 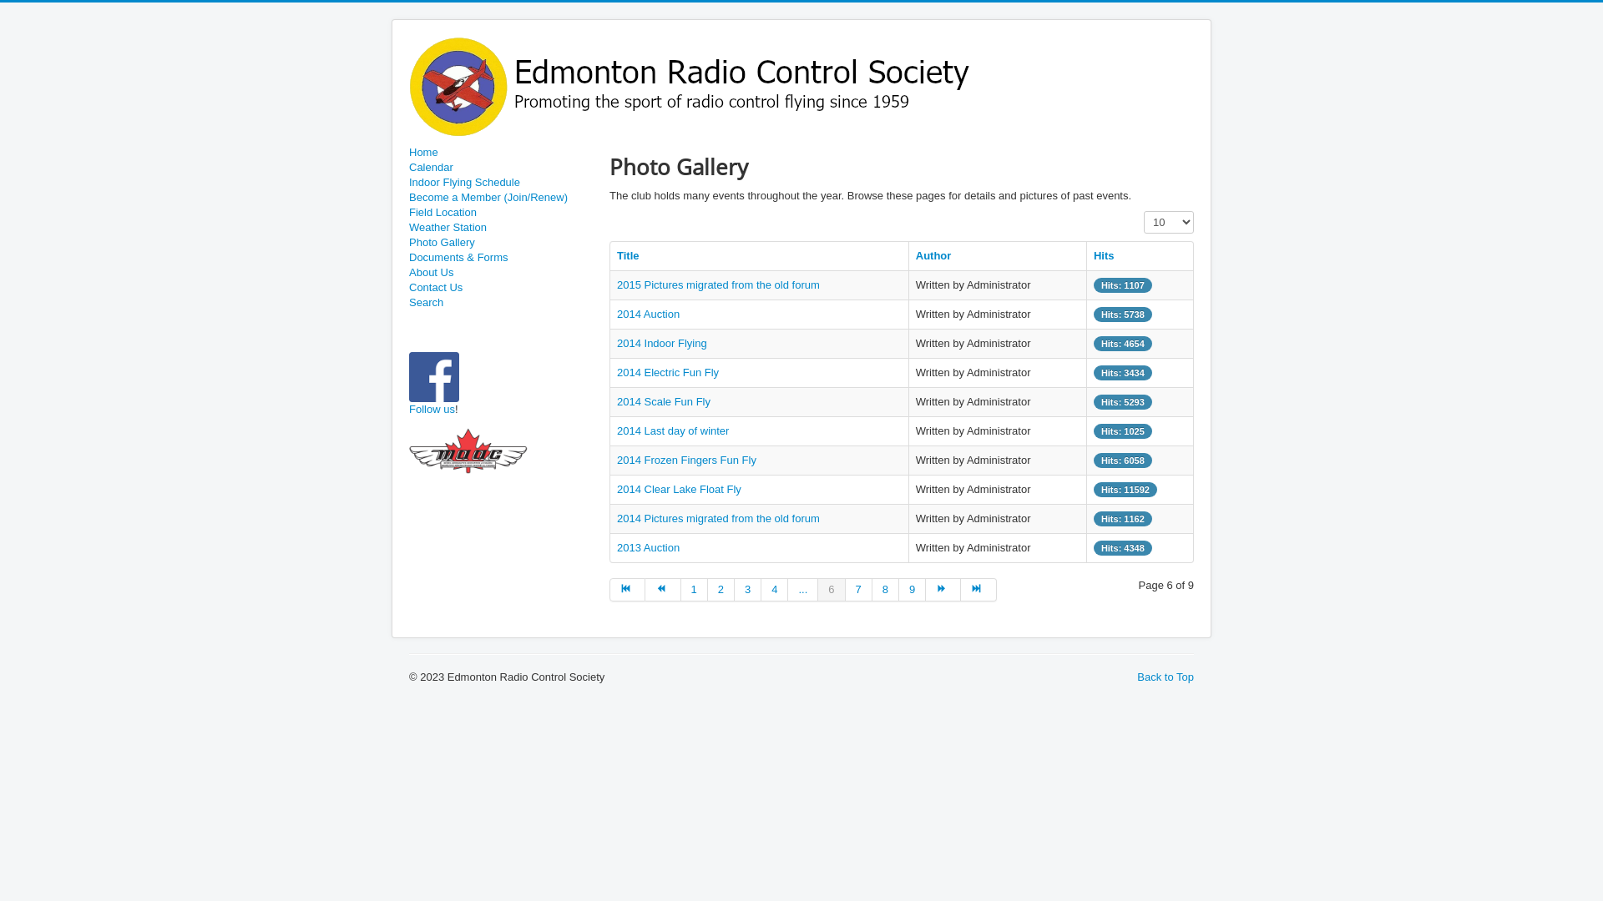 I want to click on '2014 Indoor Flying', so click(x=660, y=342).